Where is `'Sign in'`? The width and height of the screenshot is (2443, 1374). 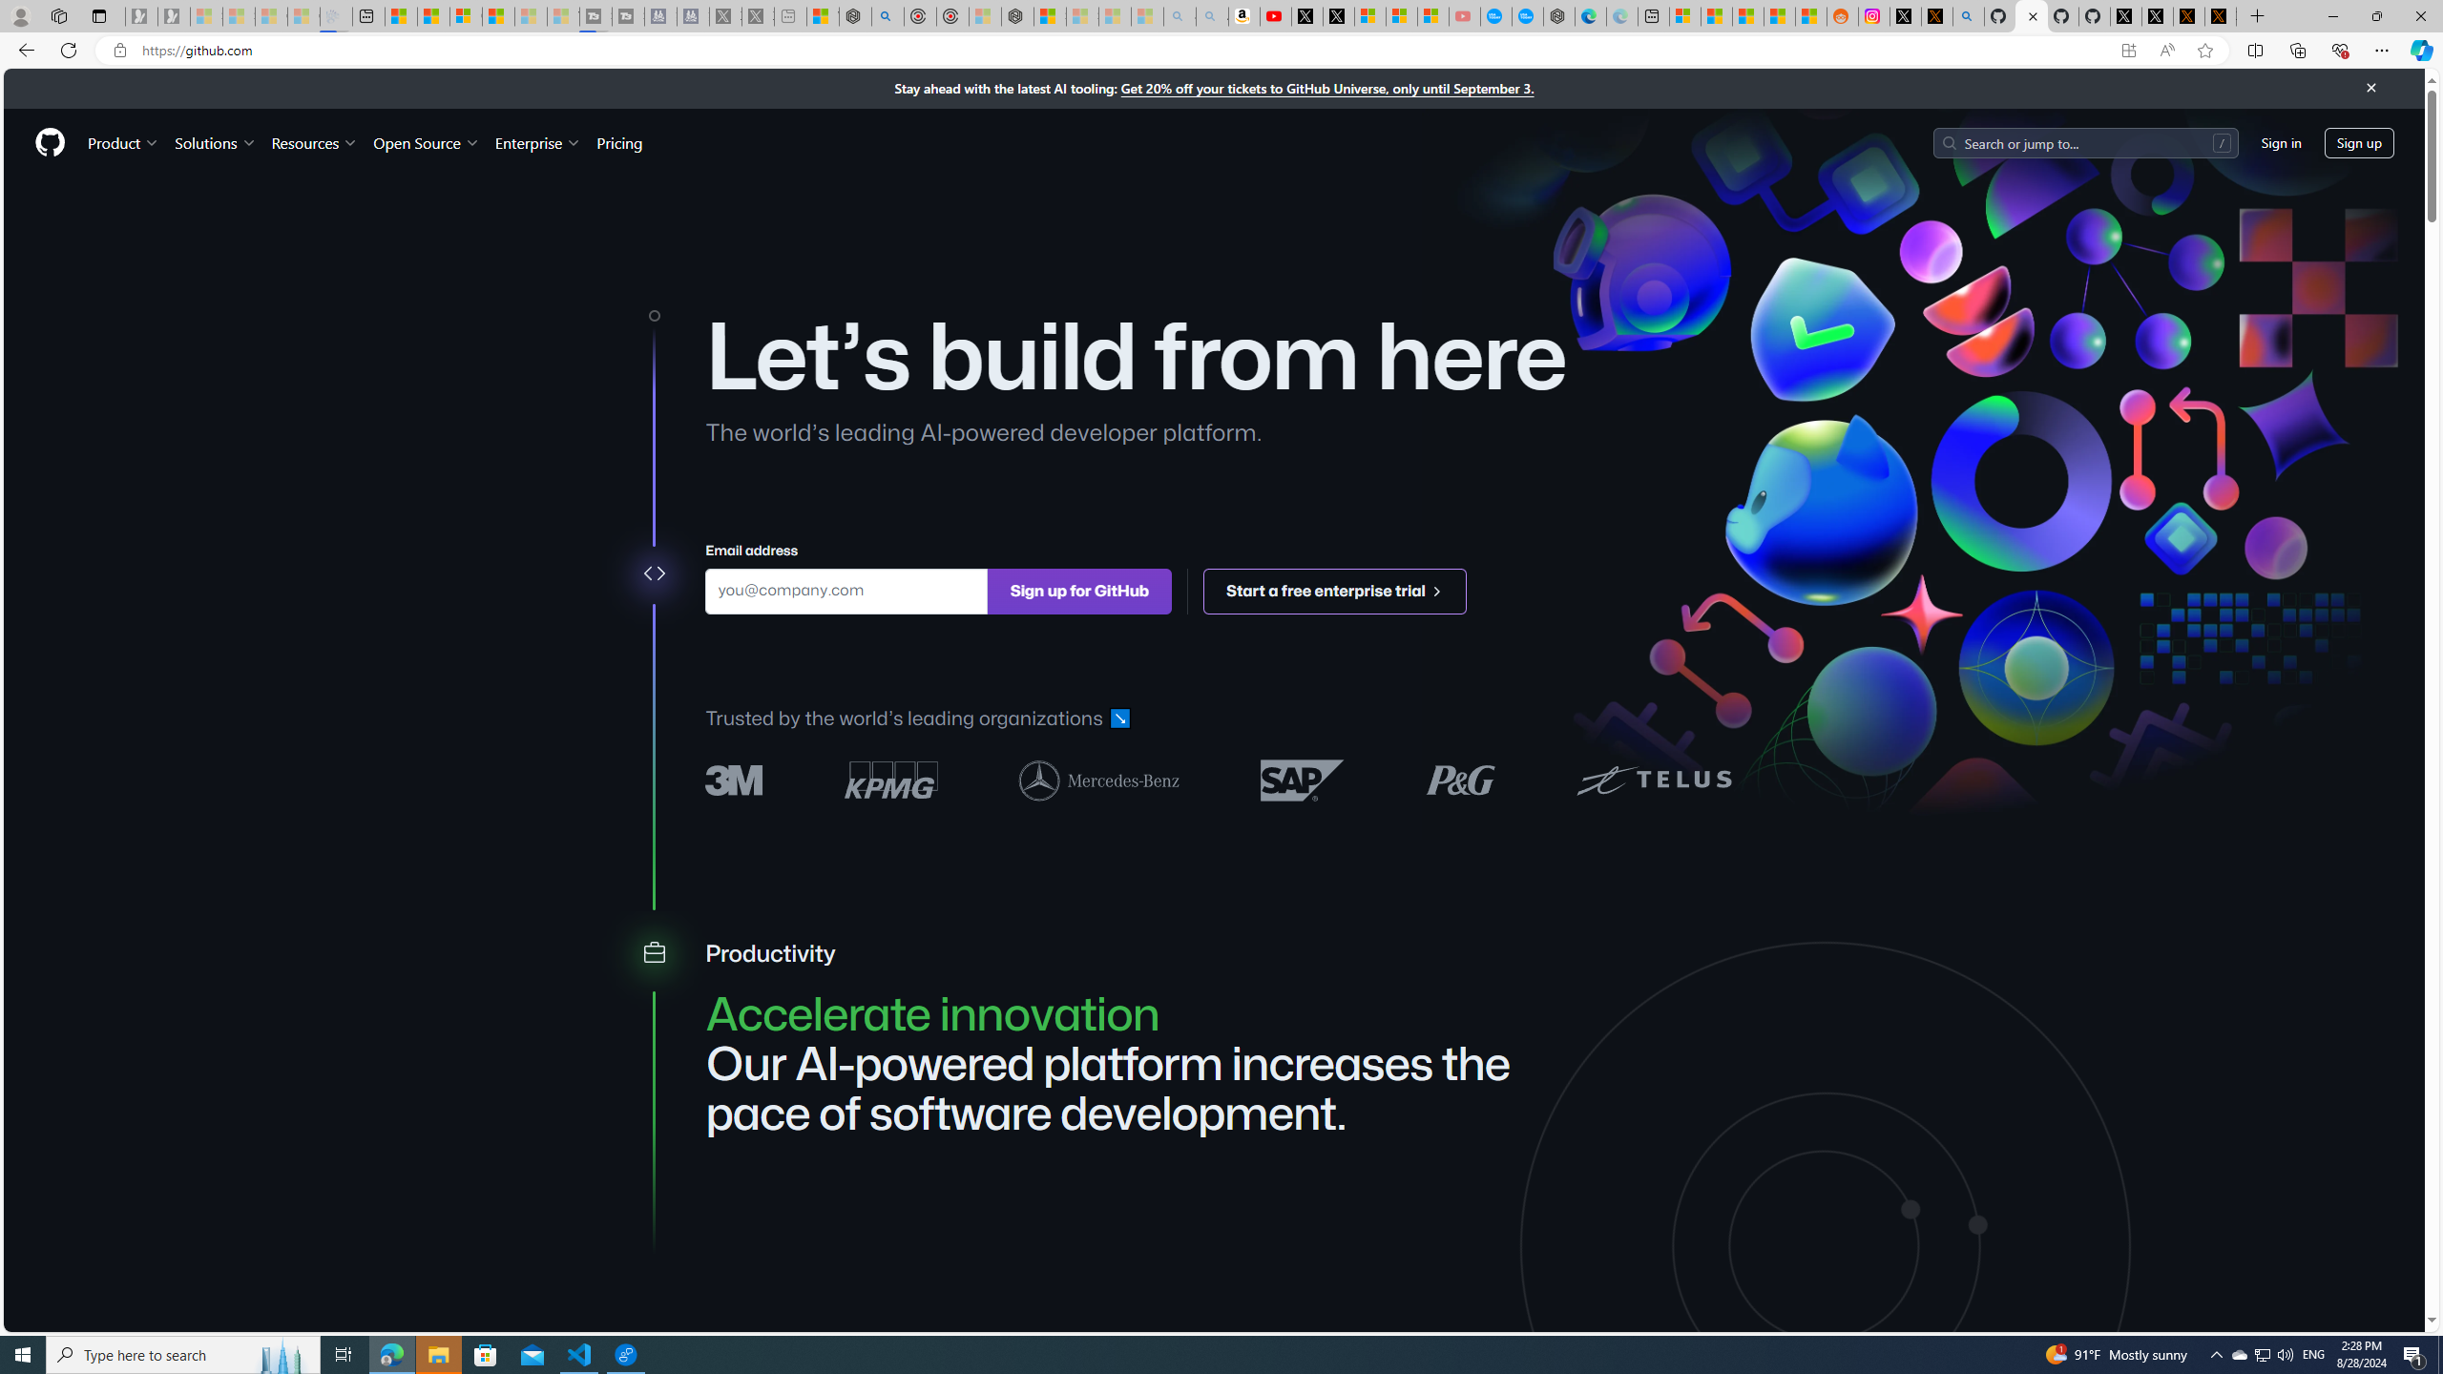
'Sign in' is located at coordinates (2281, 142).